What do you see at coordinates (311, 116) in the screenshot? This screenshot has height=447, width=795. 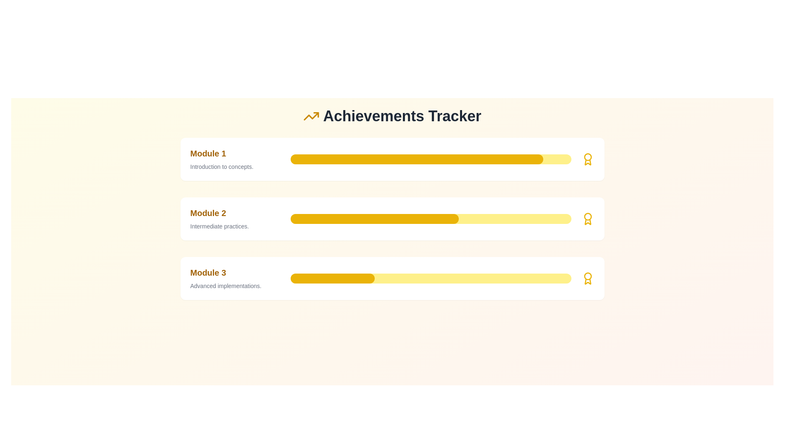 I see `the yellow upward trending arrow vector graphic located in the top-left corner of the header area of the interface` at bounding box center [311, 116].